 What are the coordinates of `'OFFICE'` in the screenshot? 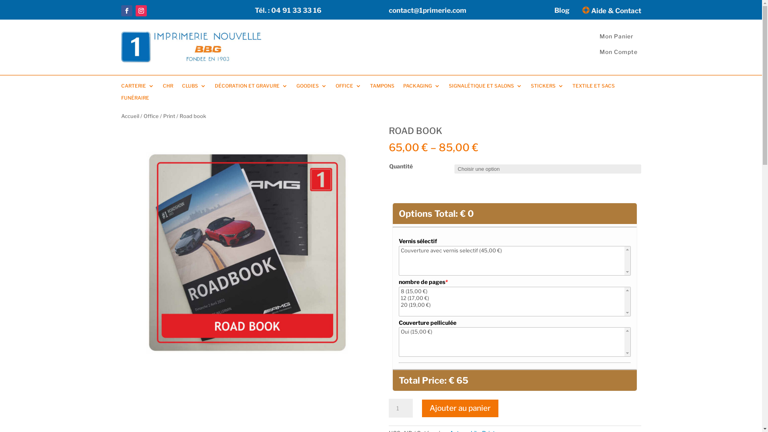 It's located at (335, 88).